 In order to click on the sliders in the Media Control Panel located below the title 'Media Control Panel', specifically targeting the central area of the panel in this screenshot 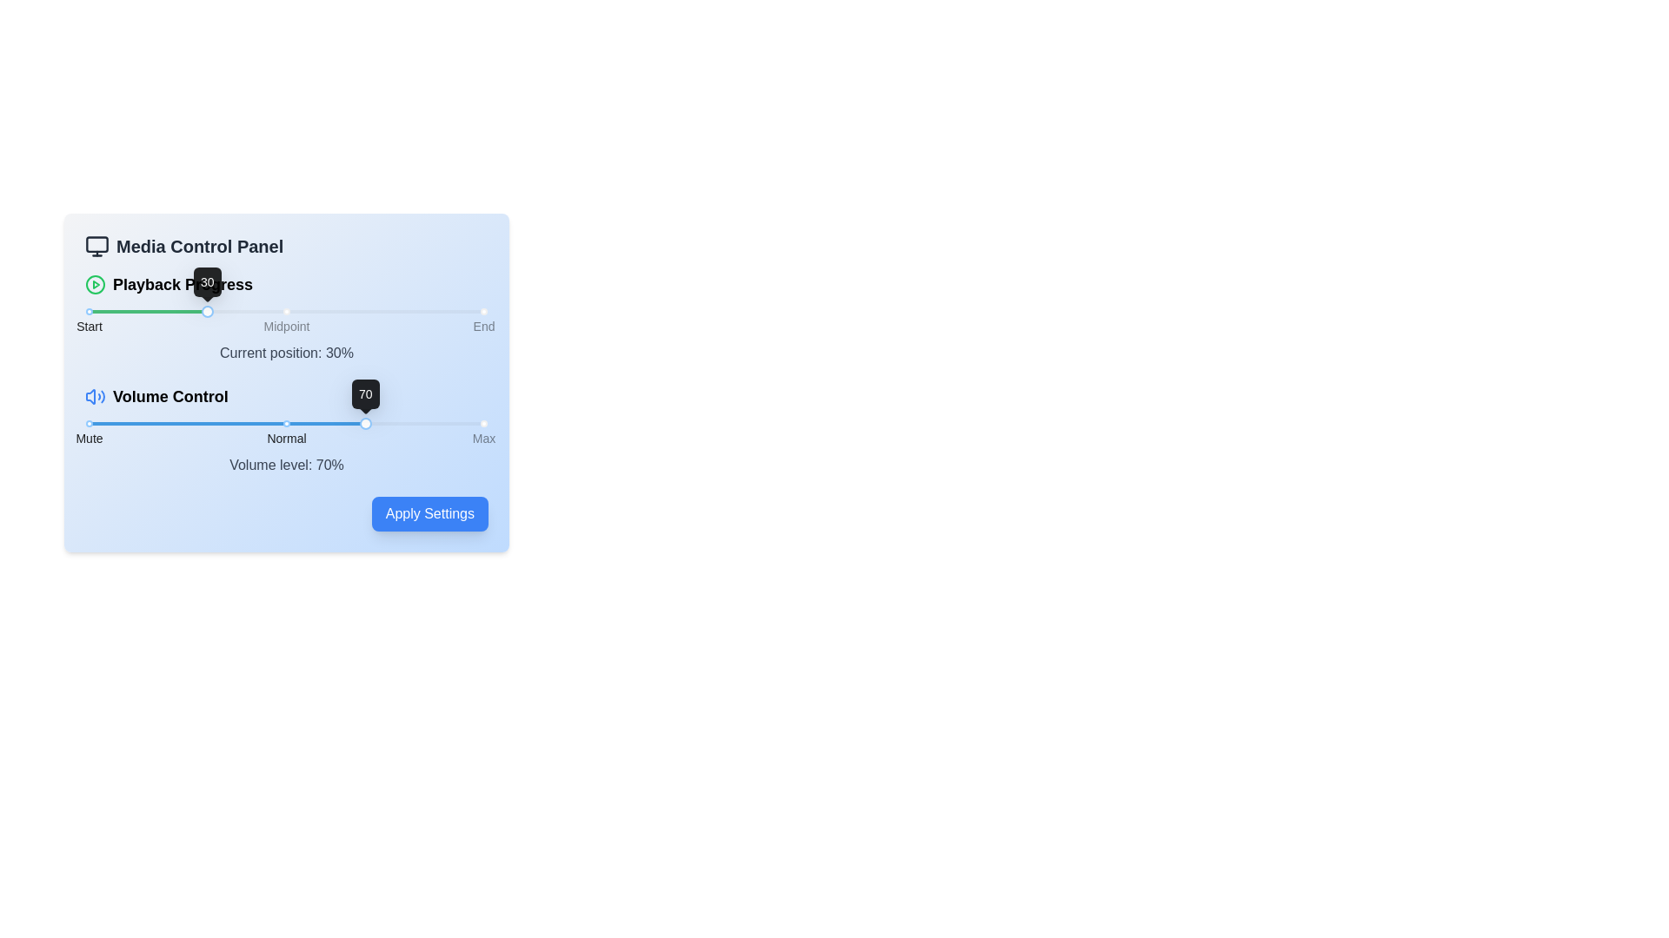, I will do `click(287, 373)`.